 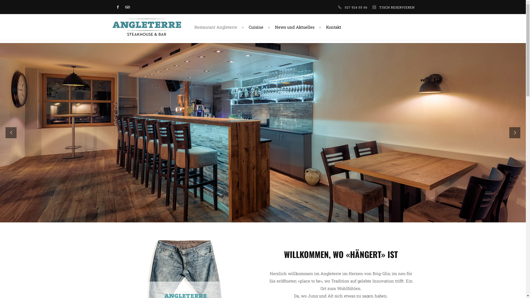 I want to click on 'Restaurant Angleterre', so click(x=216, y=27).